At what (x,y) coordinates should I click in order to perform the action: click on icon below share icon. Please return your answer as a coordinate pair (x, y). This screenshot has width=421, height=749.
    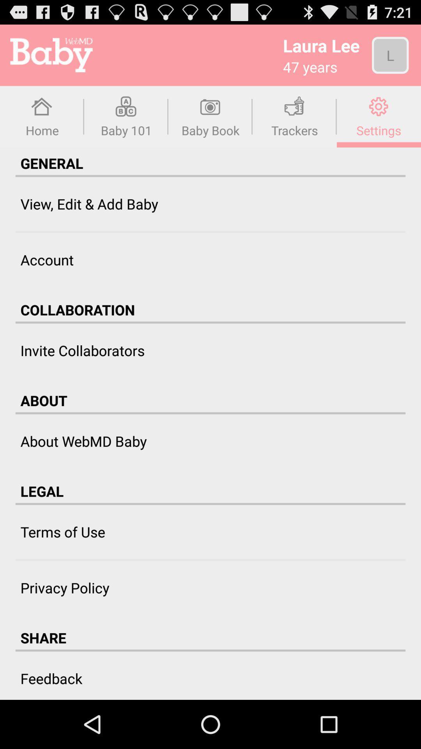
    Looking at the image, I should click on (210, 650).